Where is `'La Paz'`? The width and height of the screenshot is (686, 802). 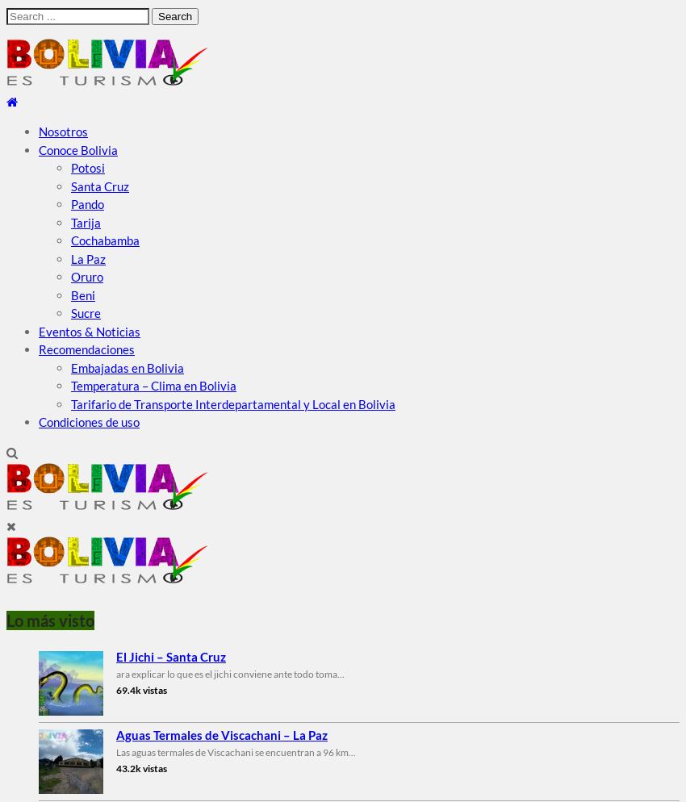 'La Paz' is located at coordinates (87, 257).